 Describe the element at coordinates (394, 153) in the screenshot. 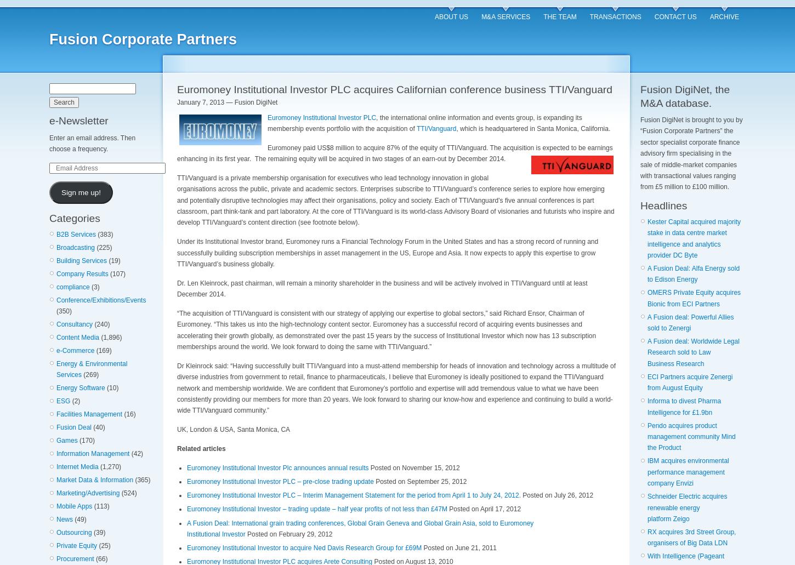

I see `'Euromoney paid US$8 million to acquire 87% of the equity of TTI/Vanguard. The acquisition is expected to be earnings enhancing in its'` at that location.